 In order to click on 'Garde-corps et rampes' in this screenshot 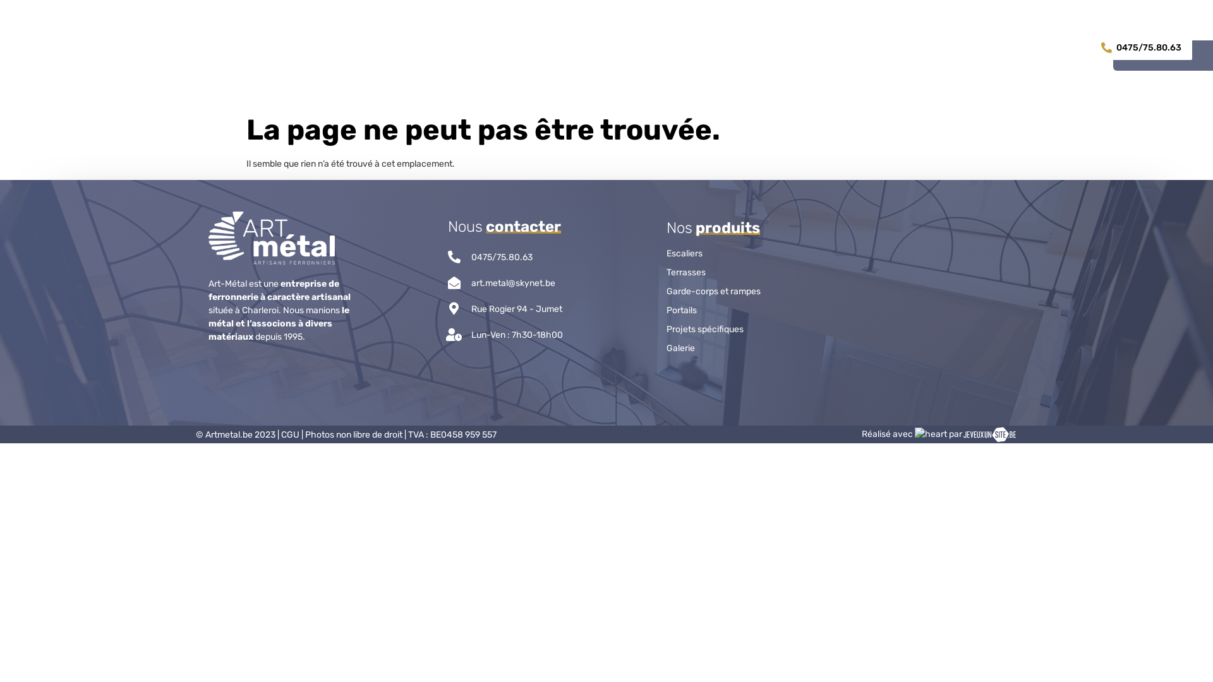, I will do `click(727, 292)`.